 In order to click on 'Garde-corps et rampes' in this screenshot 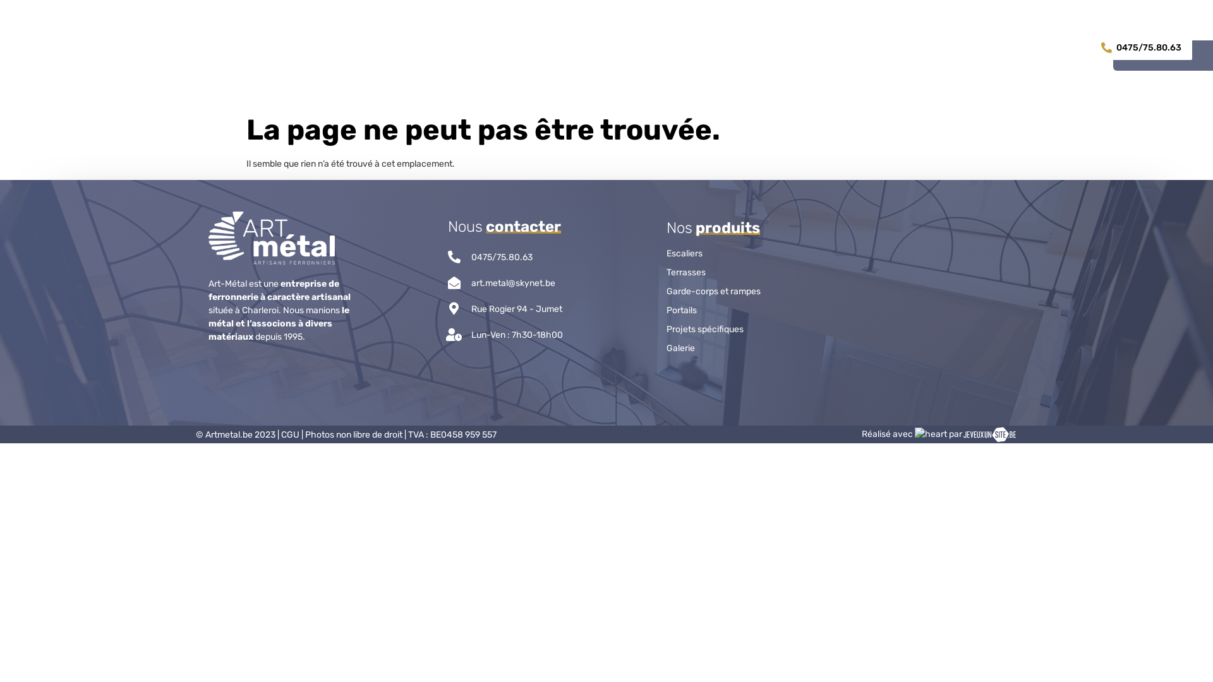, I will do `click(727, 292)`.